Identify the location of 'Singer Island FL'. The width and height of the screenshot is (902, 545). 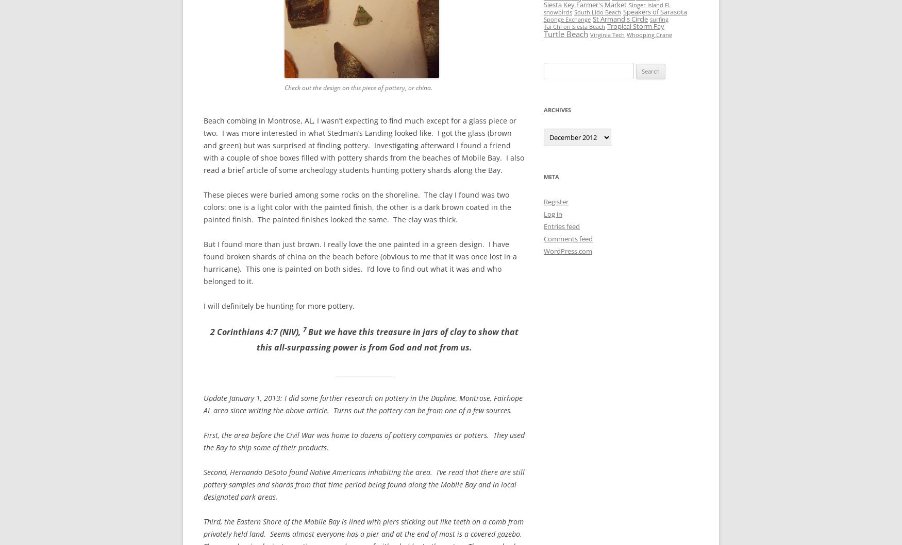
(649, 5).